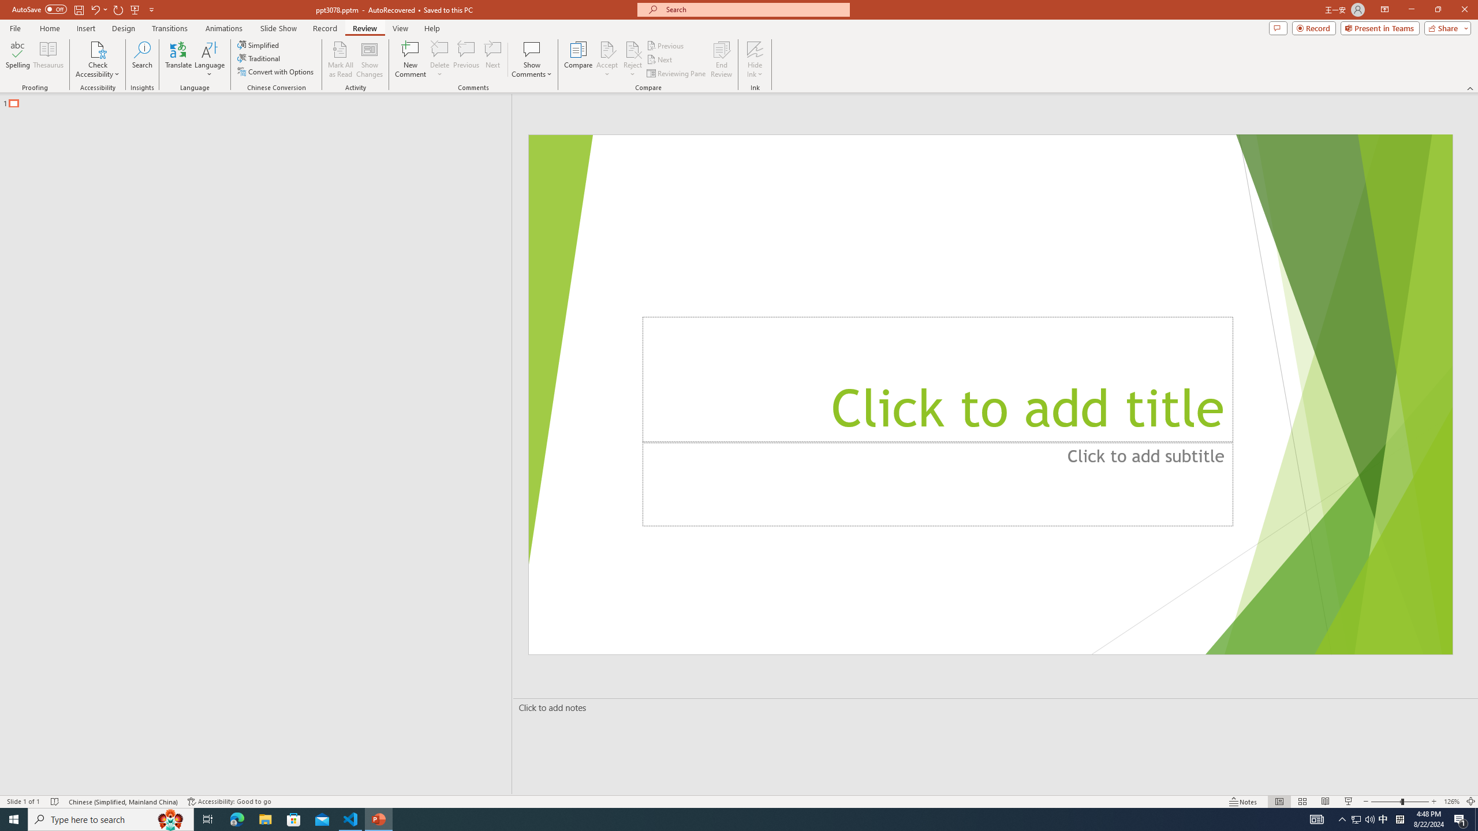 The image size is (1478, 831). What do you see at coordinates (666, 45) in the screenshot?
I see `'Previous'` at bounding box center [666, 45].